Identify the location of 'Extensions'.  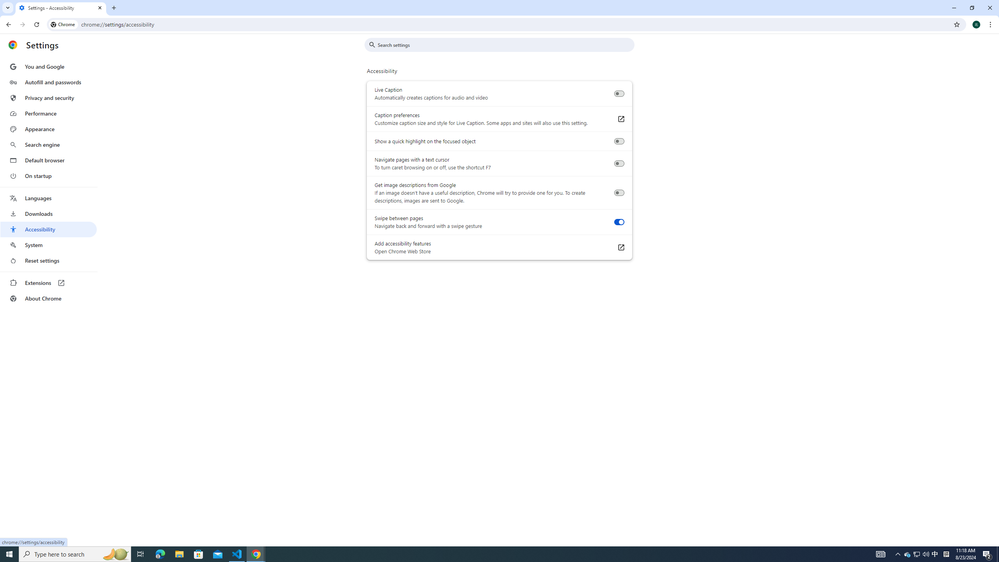
(48, 283).